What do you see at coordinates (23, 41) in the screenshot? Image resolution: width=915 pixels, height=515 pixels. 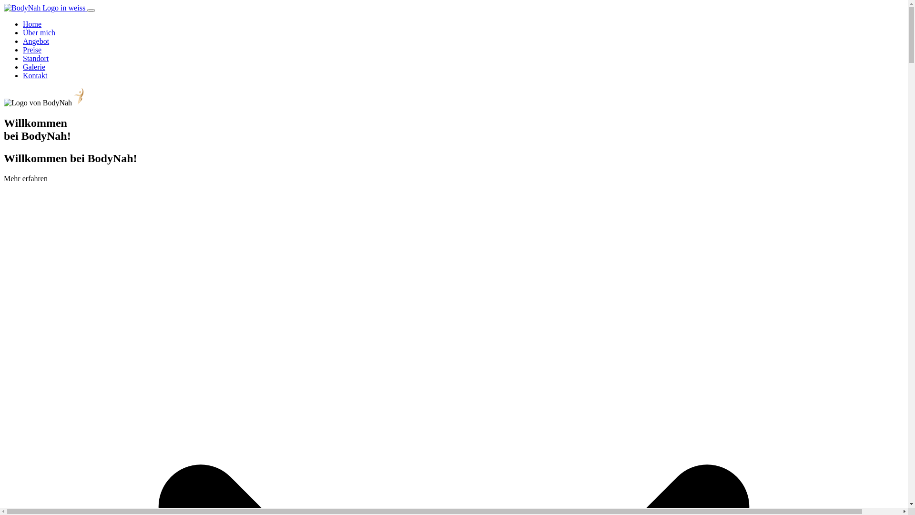 I see `'Angebot'` at bounding box center [23, 41].